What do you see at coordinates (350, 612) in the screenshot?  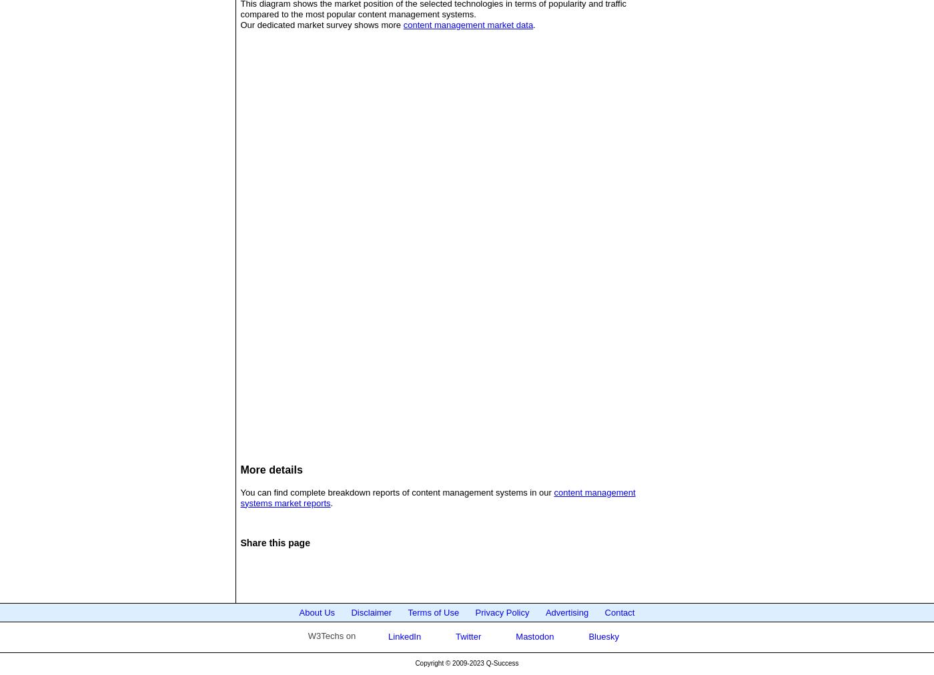 I see `'Disclaimer'` at bounding box center [350, 612].